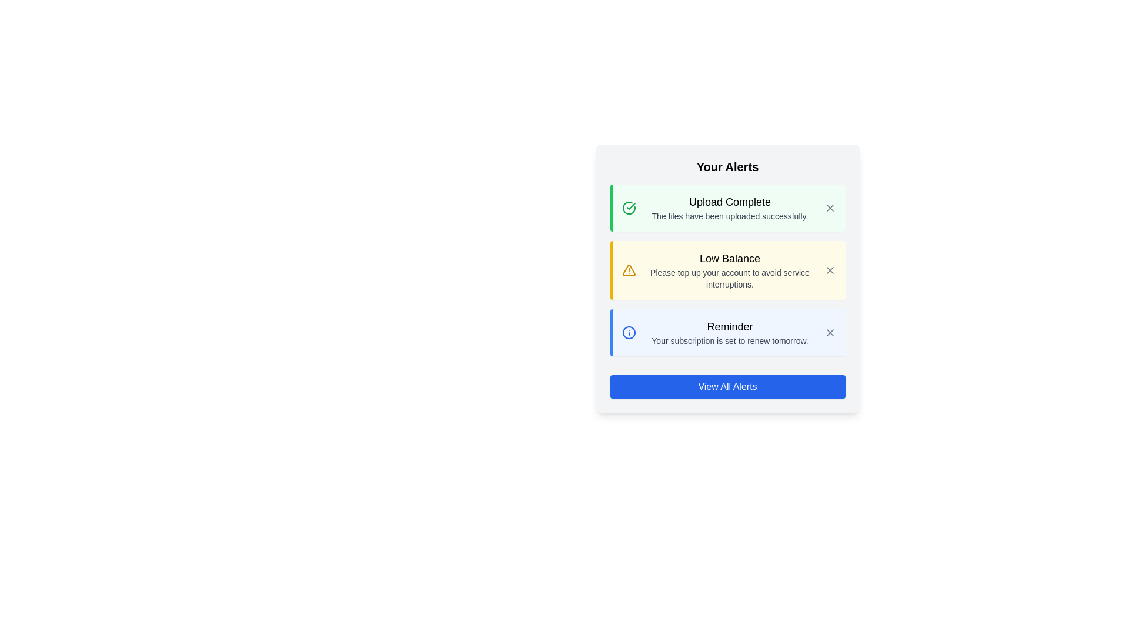 This screenshot has width=1129, height=635. What do you see at coordinates (829, 208) in the screenshot?
I see `the Close indicator icon located at the top-right corner of the 'Upload Complete' alert box` at bounding box center [829, 208].